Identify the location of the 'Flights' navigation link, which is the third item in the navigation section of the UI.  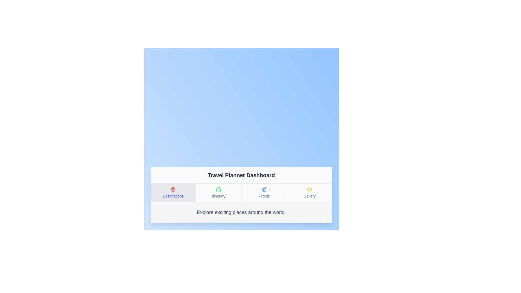
(264, 192).